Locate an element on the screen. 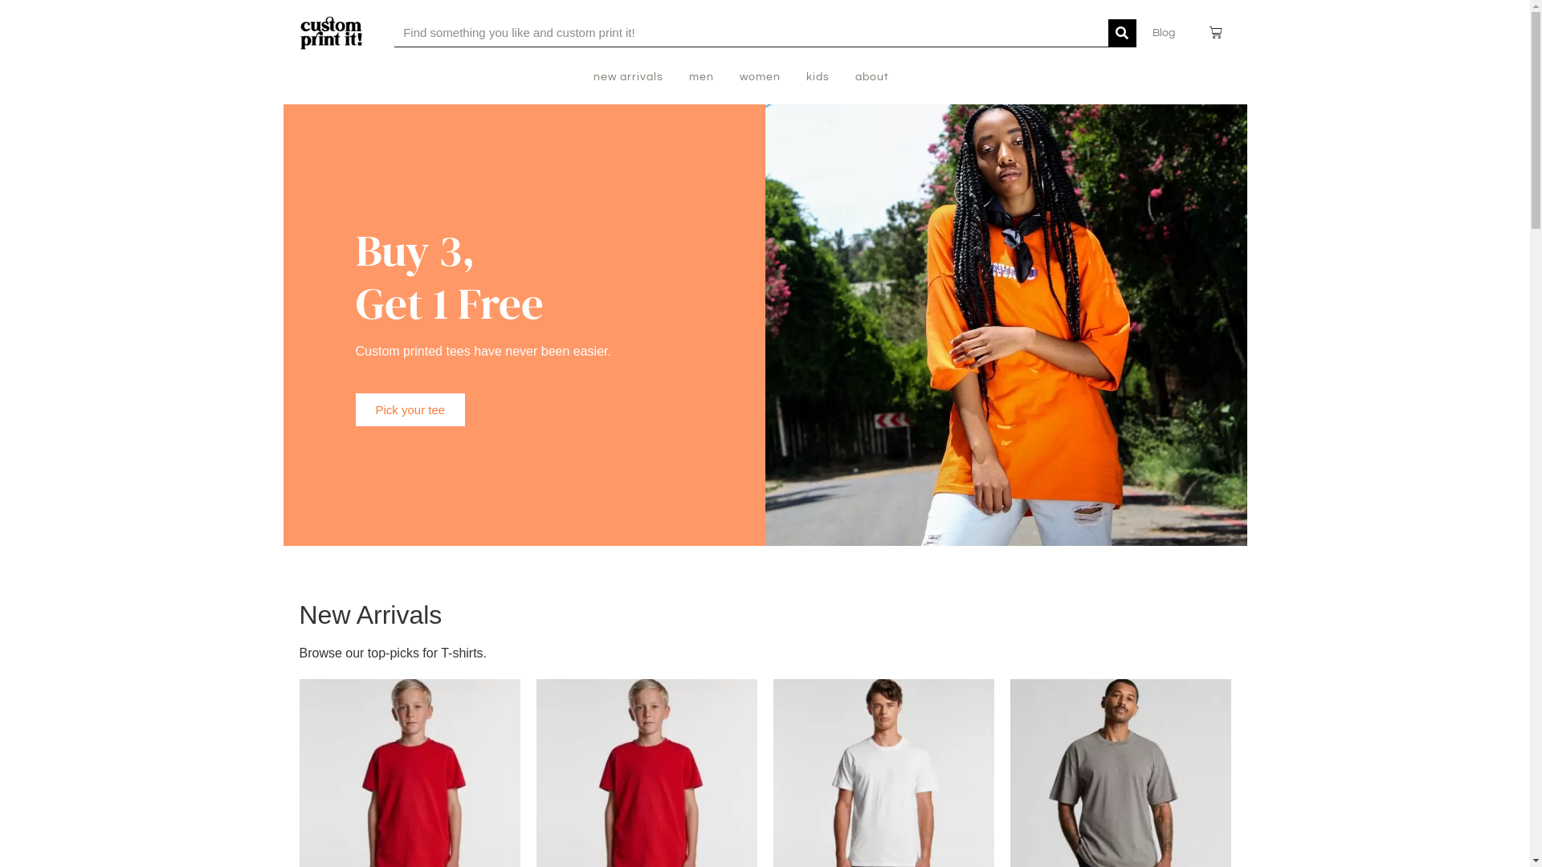  'women' is located at coordinates (759, 77).